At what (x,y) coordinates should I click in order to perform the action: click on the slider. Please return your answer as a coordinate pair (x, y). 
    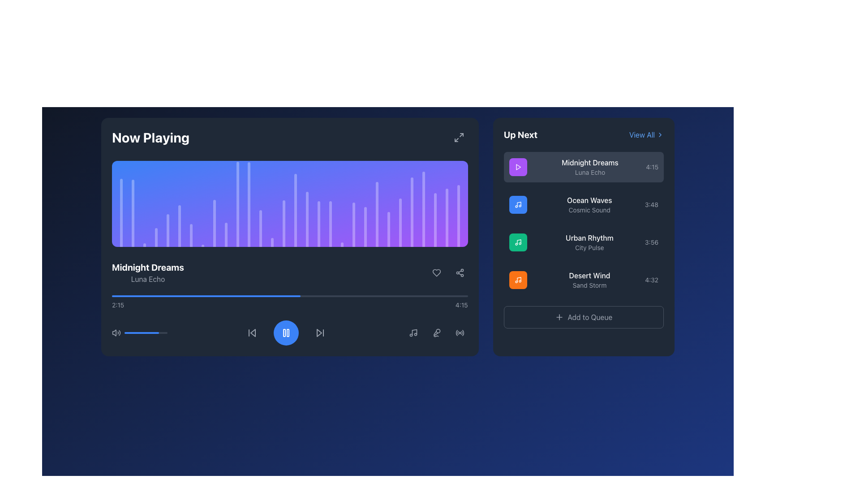
    Looking at the image, I should click on (153, 333).